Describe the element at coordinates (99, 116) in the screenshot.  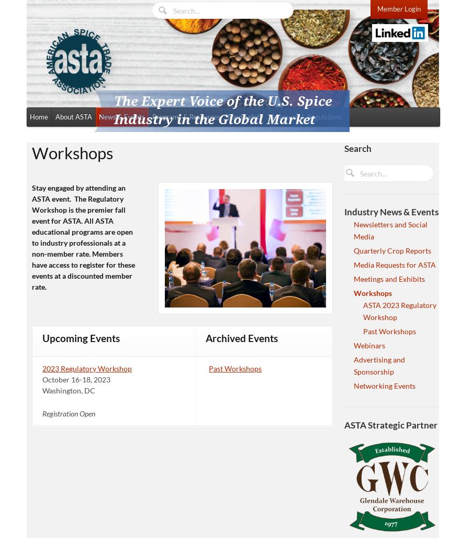
I see `'News & Events'` at that location.